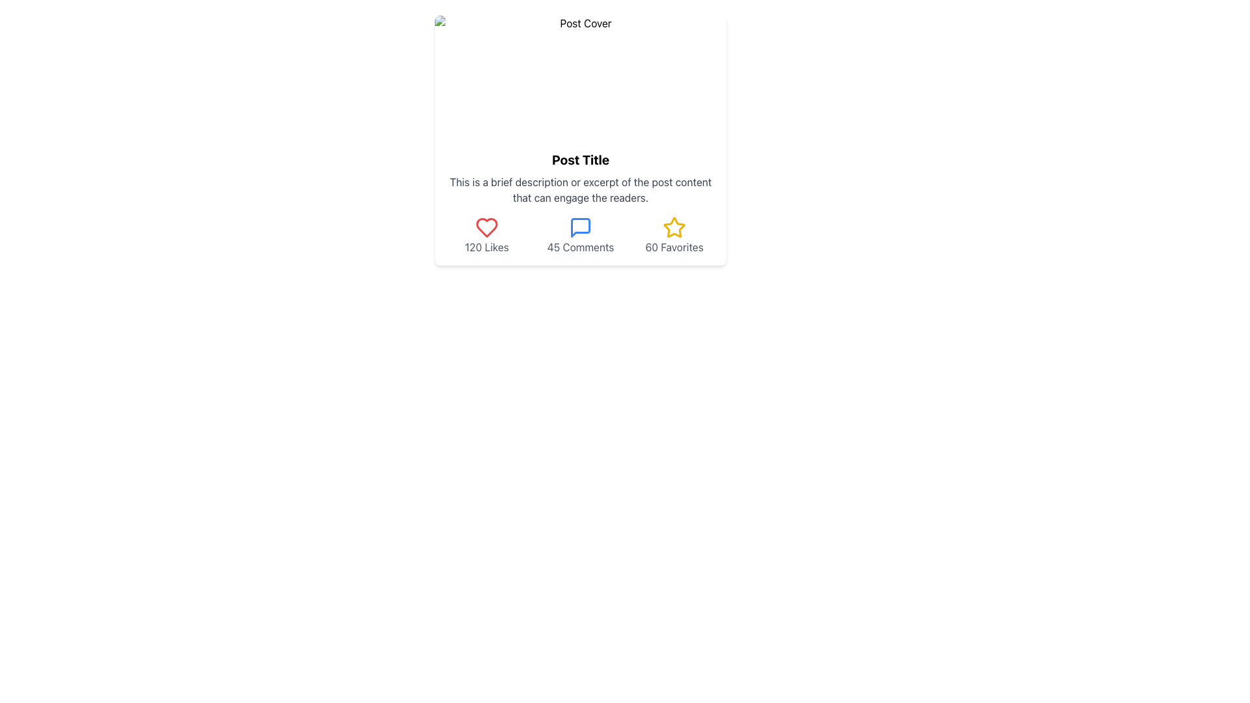 Image resolution: width=1250 pixels, height=703 pixels. Describe the element at coordinates (486, 227) in the screenshot. I see `the heart icon with a '120 Likes' label below it, which is styled in red and located on the left side of a card-like interface` at that location.